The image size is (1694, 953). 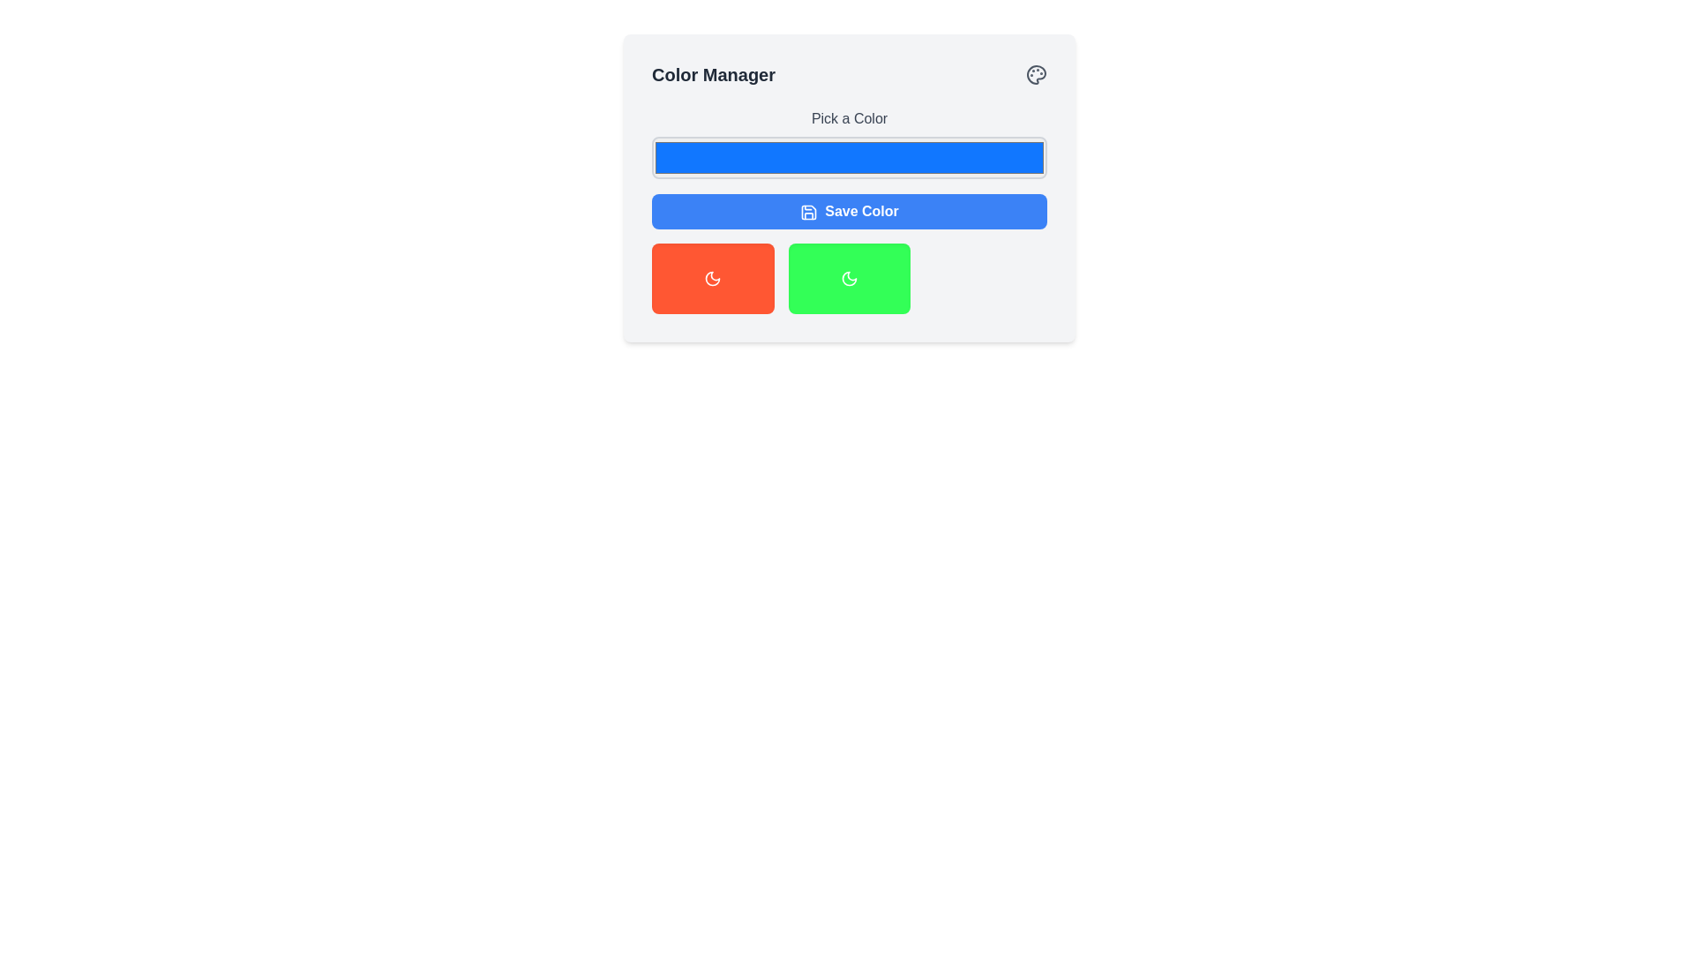 I want to click on the red button with rounded corners and a white moon-styled icon, located in the 'Color Manager' section as the first button from the left in the bottom row of the grid, so click(x=713, y=278).